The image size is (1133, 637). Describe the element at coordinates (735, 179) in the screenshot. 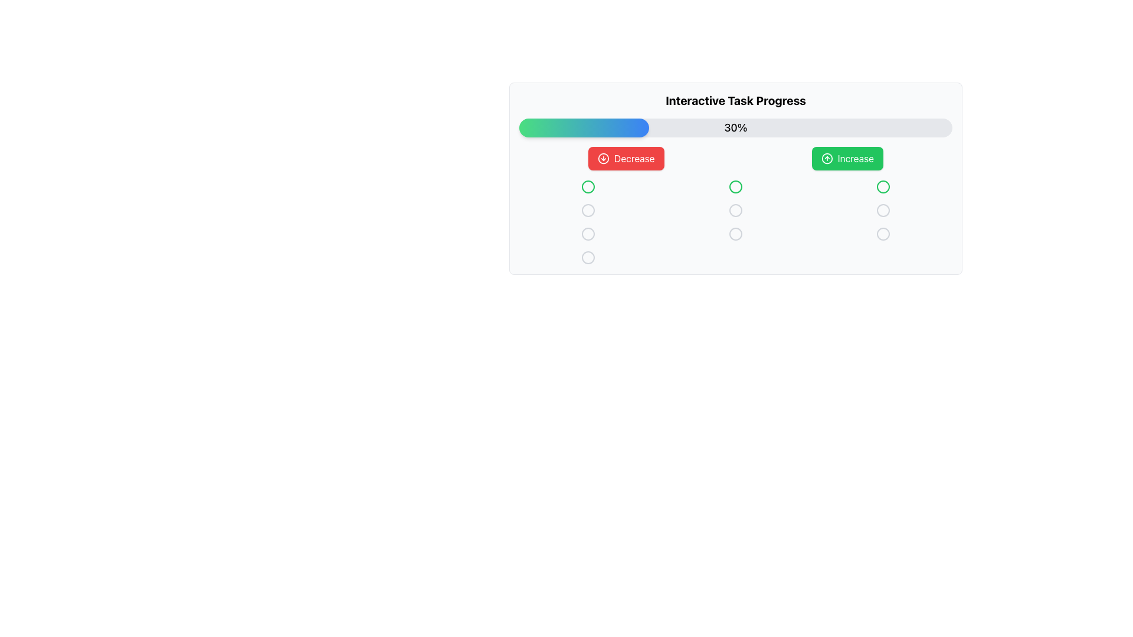

I see `the green circular Interactive button located in the middle column of the 'Interactive Task Progress' section, third from the top` at that location.